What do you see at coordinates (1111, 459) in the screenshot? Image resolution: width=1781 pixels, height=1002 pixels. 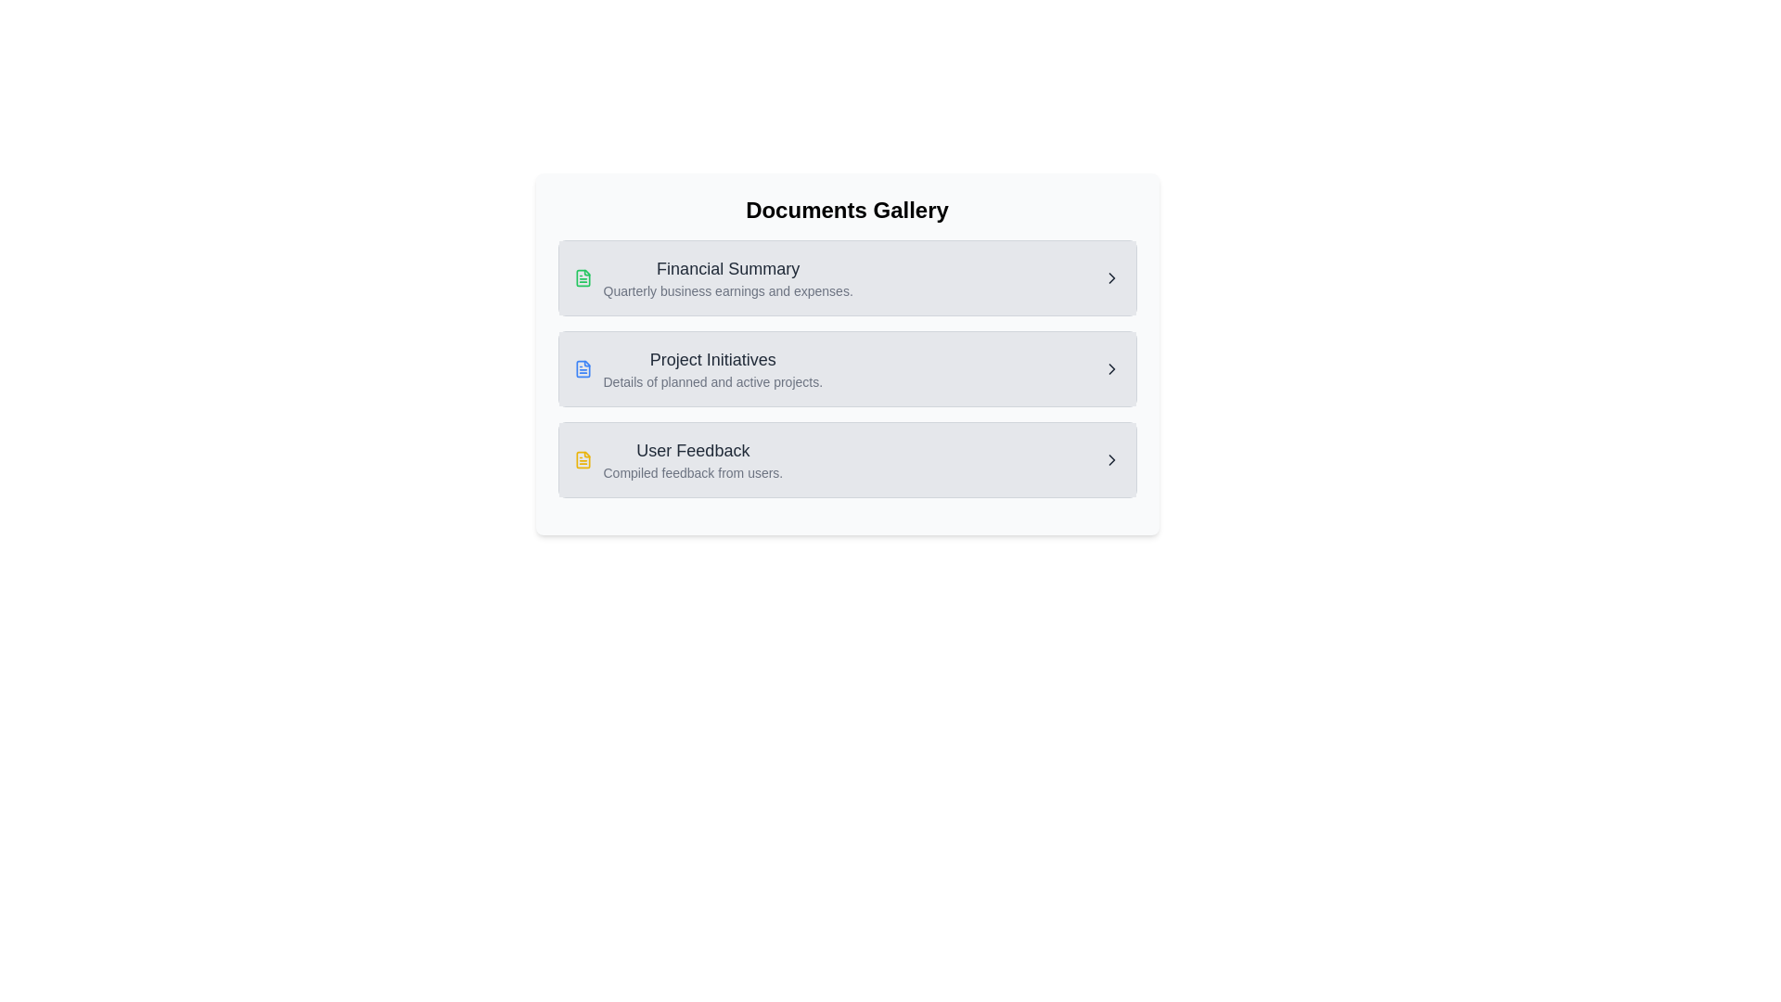 I see `the Icon button in the 'User Feedback' section, which indicates interactivity for navigation or expansion` at bounding box center [1111, 459].